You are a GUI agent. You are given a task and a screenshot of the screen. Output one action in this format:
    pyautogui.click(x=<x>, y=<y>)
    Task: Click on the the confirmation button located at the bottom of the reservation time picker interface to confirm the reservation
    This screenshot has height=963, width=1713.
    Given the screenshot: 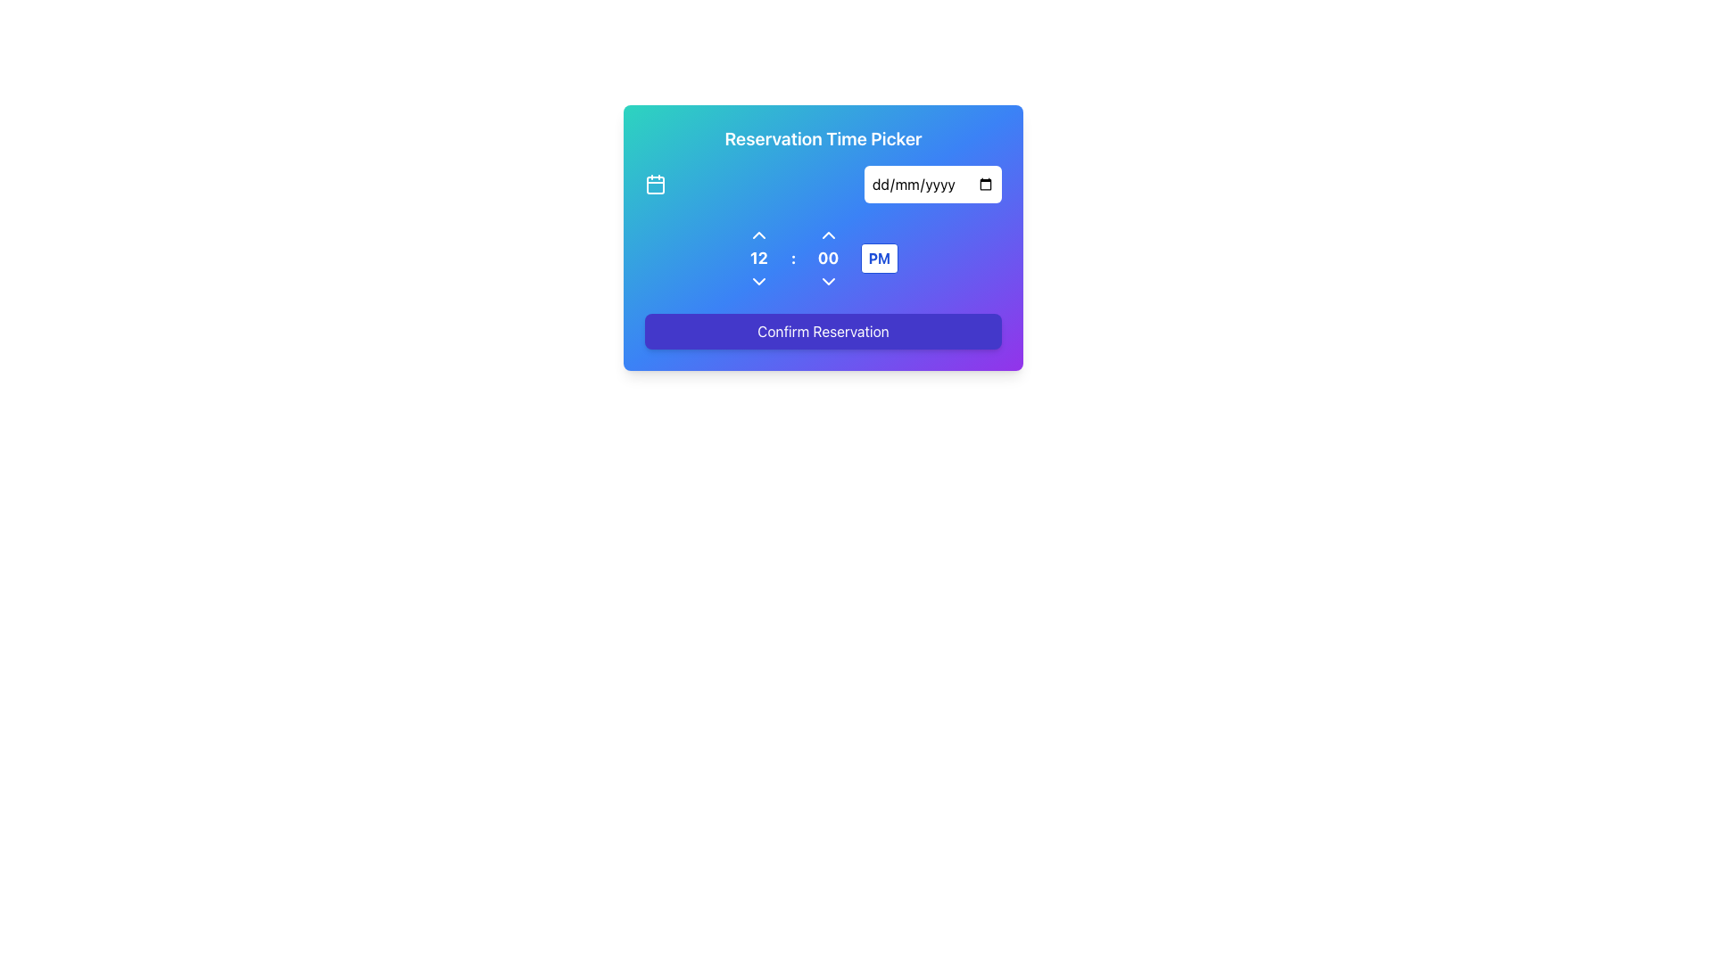 What is the action you would take?
    pyautogui.click(x=822, y=331)
    